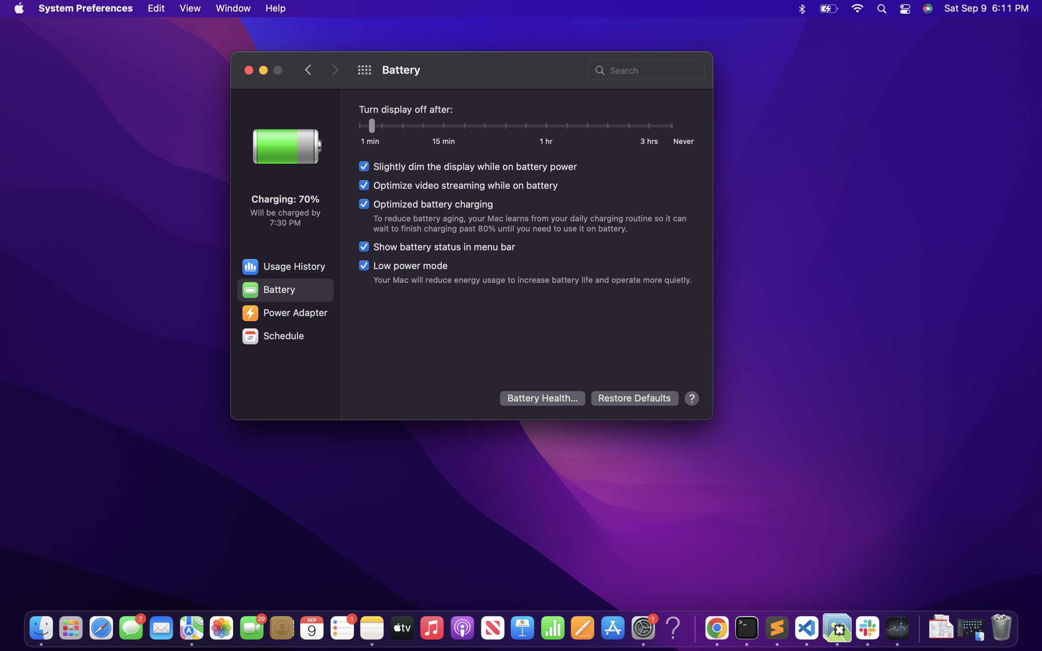 This screenshot has width=1042, height=651. What do you see at coordinates (546, 127) in the screenshot?
I see `Prefer to not shut down the screen post one hour` at bounding box center [546, 127].